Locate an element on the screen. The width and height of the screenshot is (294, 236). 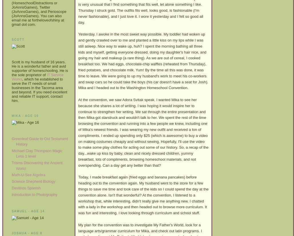
'Scott is my husband of 16 years.  He is a wonderful father and avid supporter of homeschooling.  He is the sole proprietor of' is located at coordinates (39, 68).